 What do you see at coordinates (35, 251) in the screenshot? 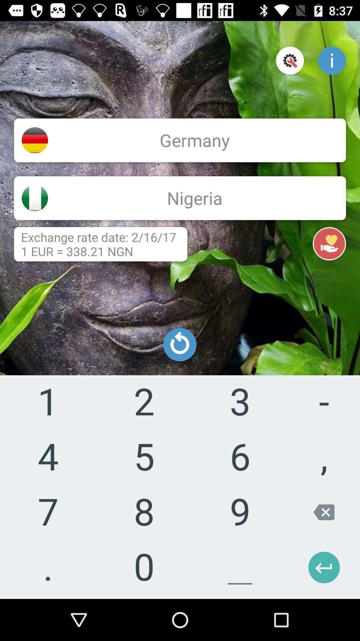
I see `the gift icon` at bounding box center [35, 251].